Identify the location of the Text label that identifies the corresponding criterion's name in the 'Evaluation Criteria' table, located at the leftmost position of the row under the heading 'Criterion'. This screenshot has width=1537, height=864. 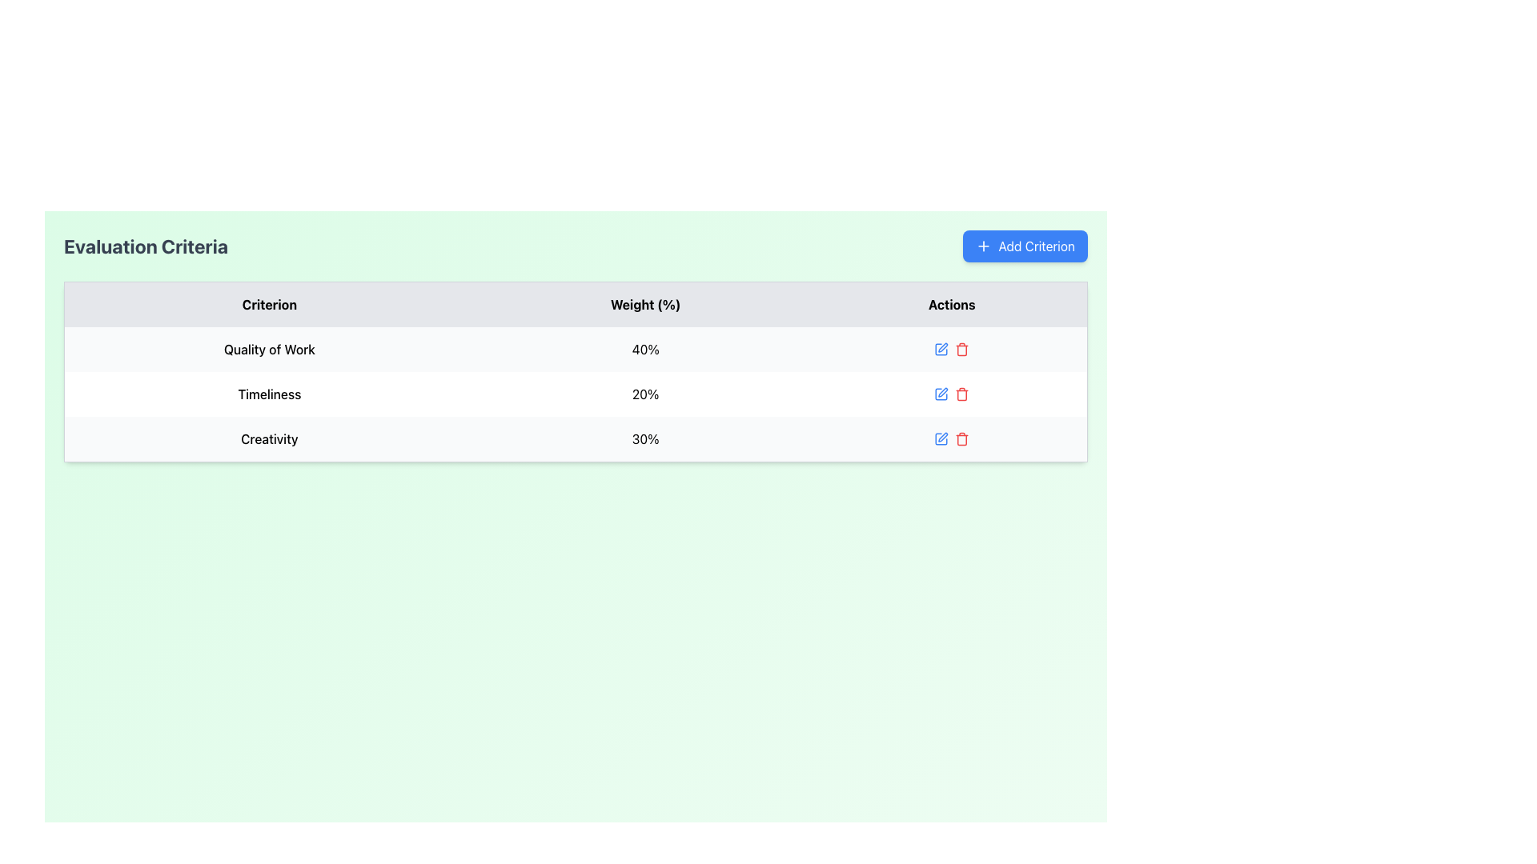
(269, 348).